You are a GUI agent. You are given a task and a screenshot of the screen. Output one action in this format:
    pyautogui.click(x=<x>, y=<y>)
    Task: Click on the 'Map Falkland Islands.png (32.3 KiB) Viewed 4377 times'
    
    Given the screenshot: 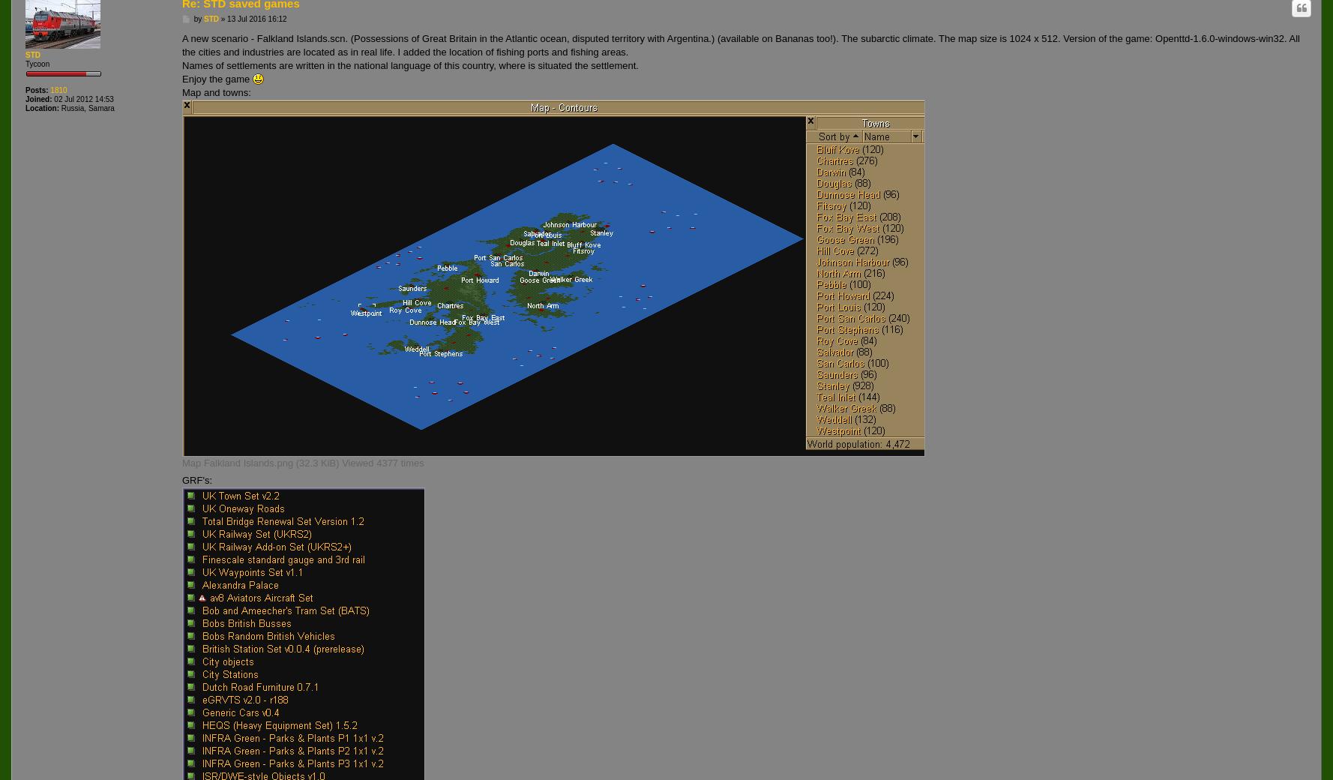 What is the action you would take?
    pyautogui.click(x=302, y=462)
    